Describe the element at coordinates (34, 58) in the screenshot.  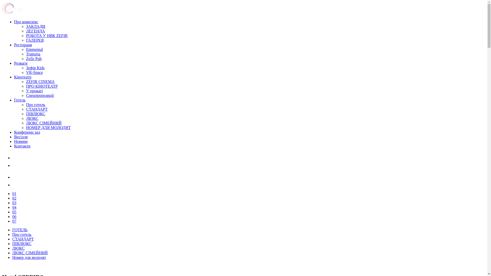
I see `'Zefir Pub'` at that location.